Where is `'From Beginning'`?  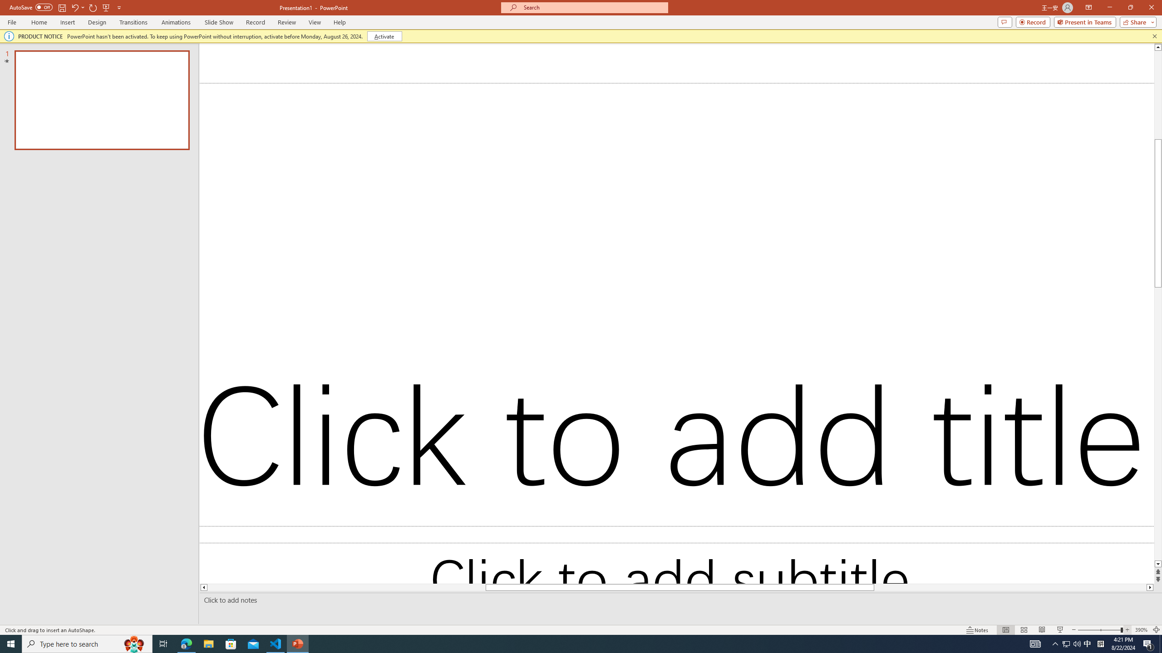
'From Beginning' is located at coordinates (106, 7).